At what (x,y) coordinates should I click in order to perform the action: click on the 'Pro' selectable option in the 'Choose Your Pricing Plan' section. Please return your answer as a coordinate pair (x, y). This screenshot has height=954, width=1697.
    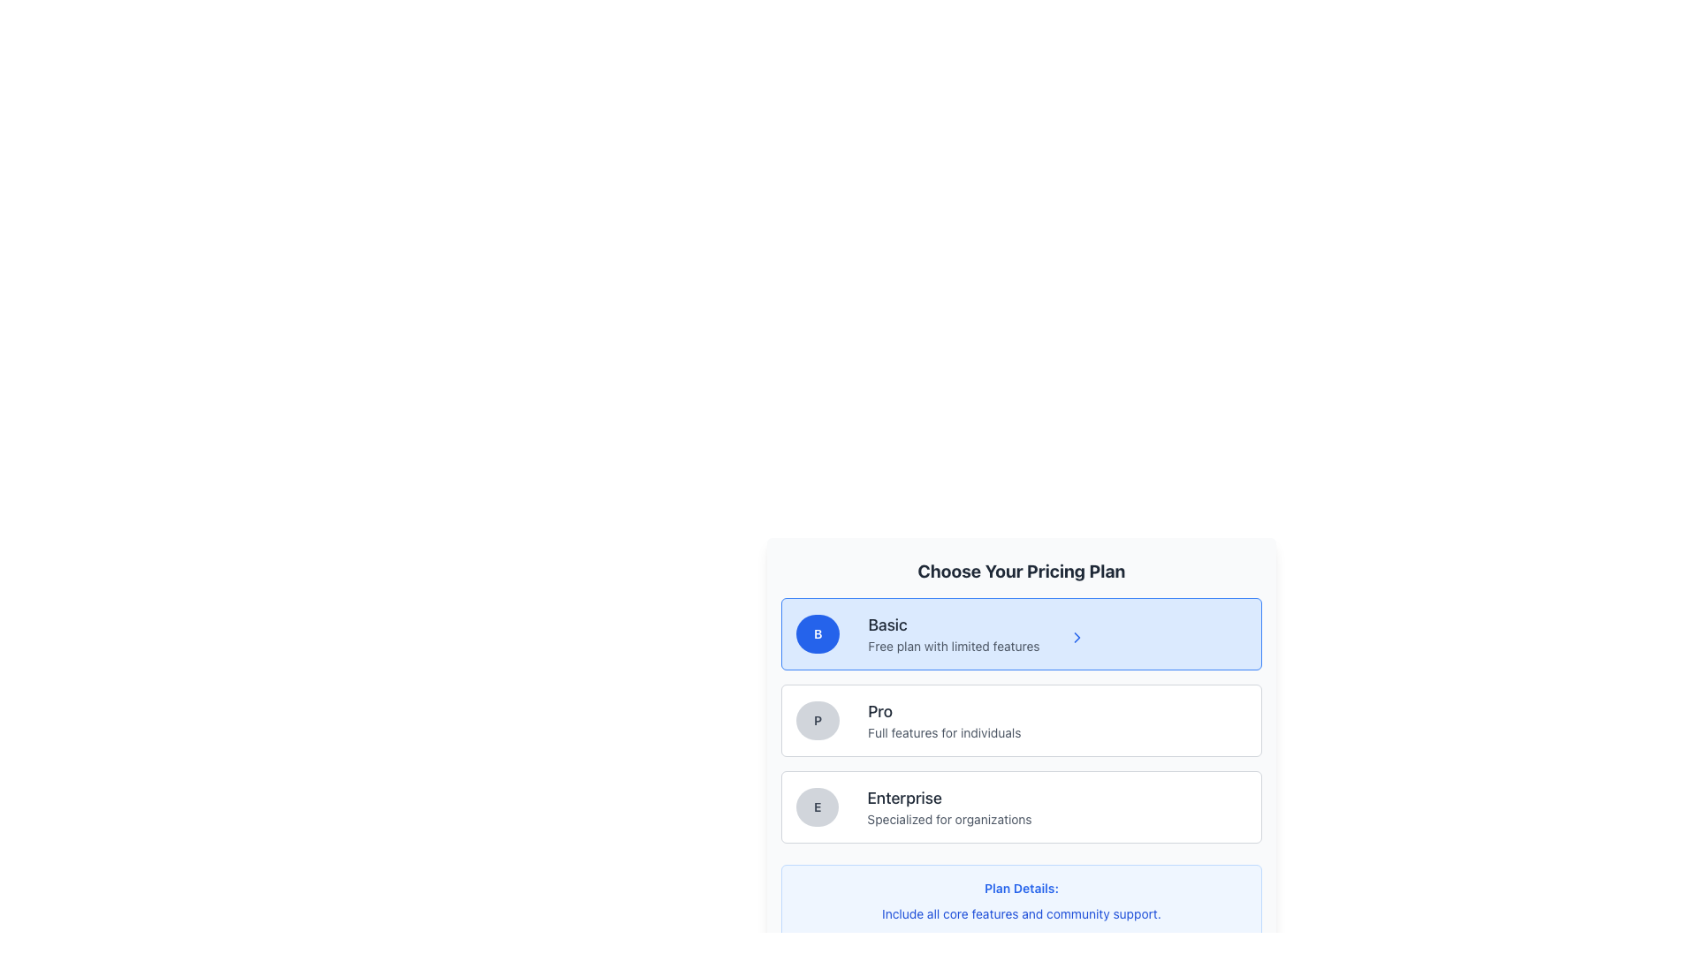
    Looking at the image, I should click on (1022, 721).